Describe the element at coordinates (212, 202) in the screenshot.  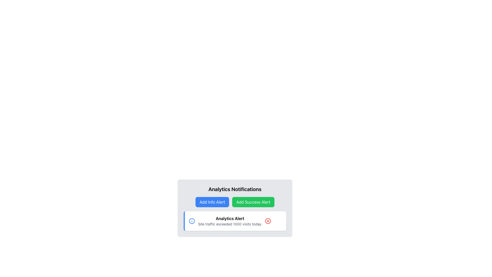
I see `the leftmost button in the horizontal layout under the heading 'Analytics Notifications'` at that location.